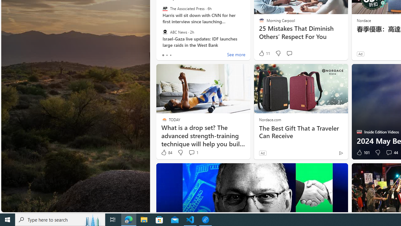 The width and height of the screenshot is (401, 226). Describe the element at coordinates (362, 153) in the screenshot. I see `'101 Like'` at that location.